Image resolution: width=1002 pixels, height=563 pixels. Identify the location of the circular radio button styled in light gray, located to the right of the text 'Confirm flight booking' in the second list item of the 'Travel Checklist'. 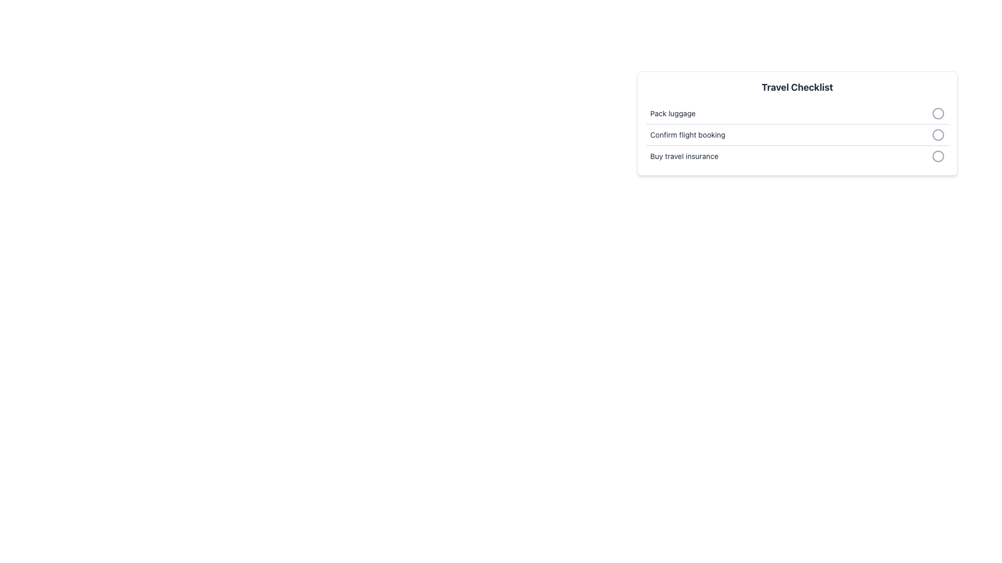
(938, 134).